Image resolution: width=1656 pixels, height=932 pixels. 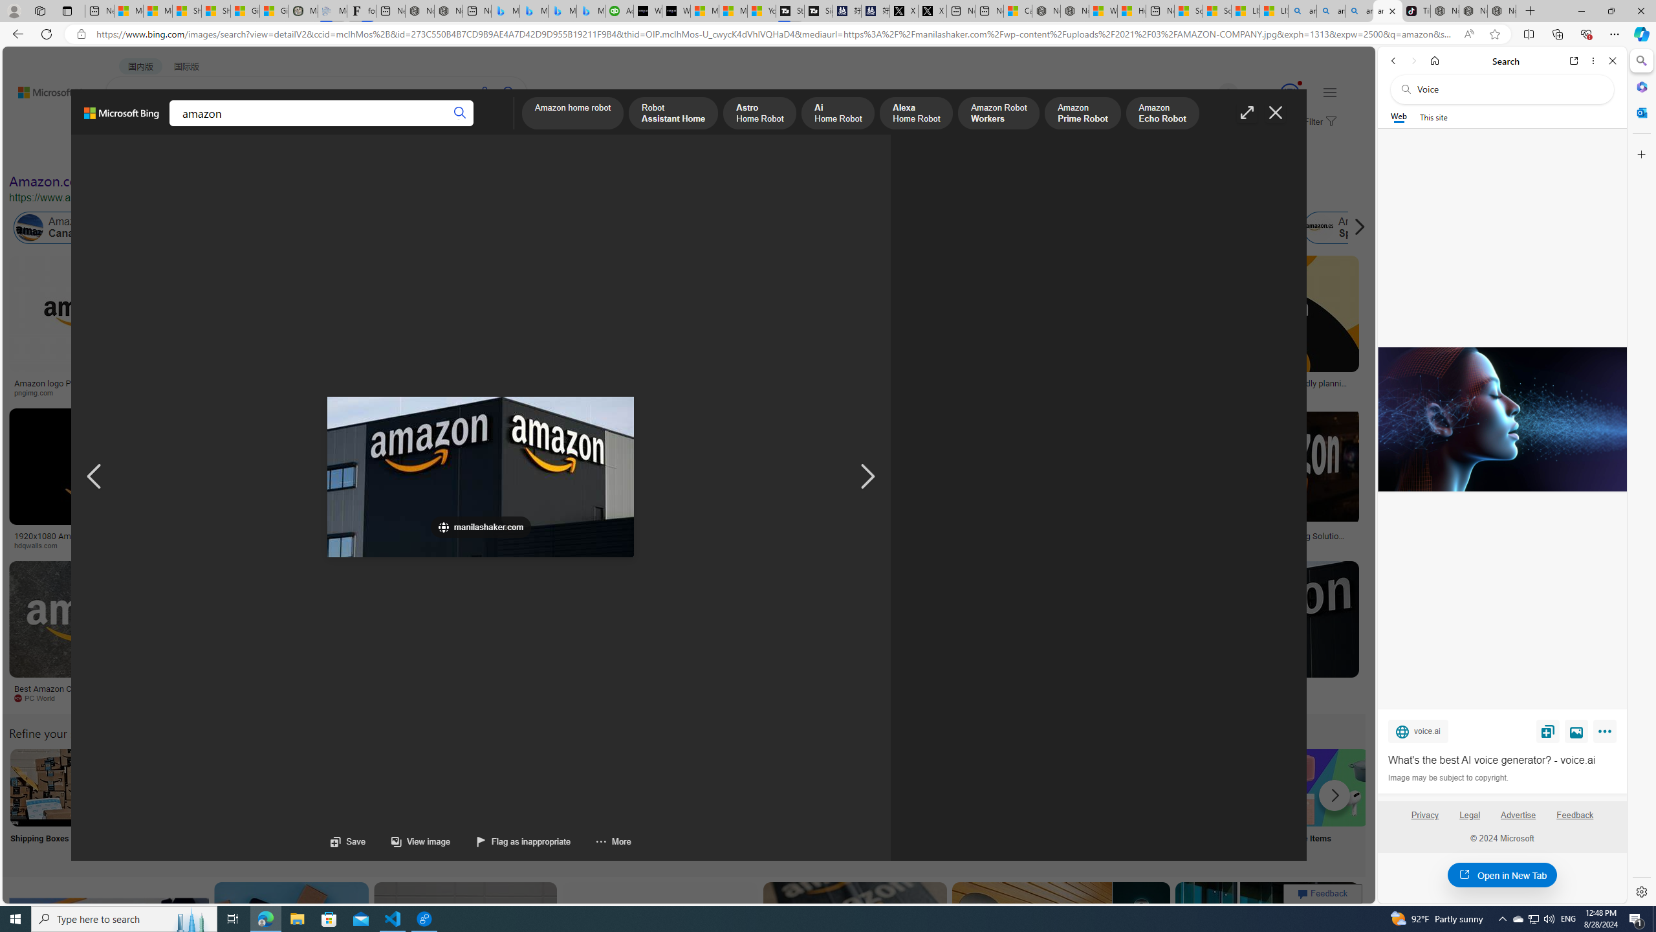 What do you see at coordinates (197, 153) in the screenshot?
I see `'Color'` at bounding box center [197, 153].